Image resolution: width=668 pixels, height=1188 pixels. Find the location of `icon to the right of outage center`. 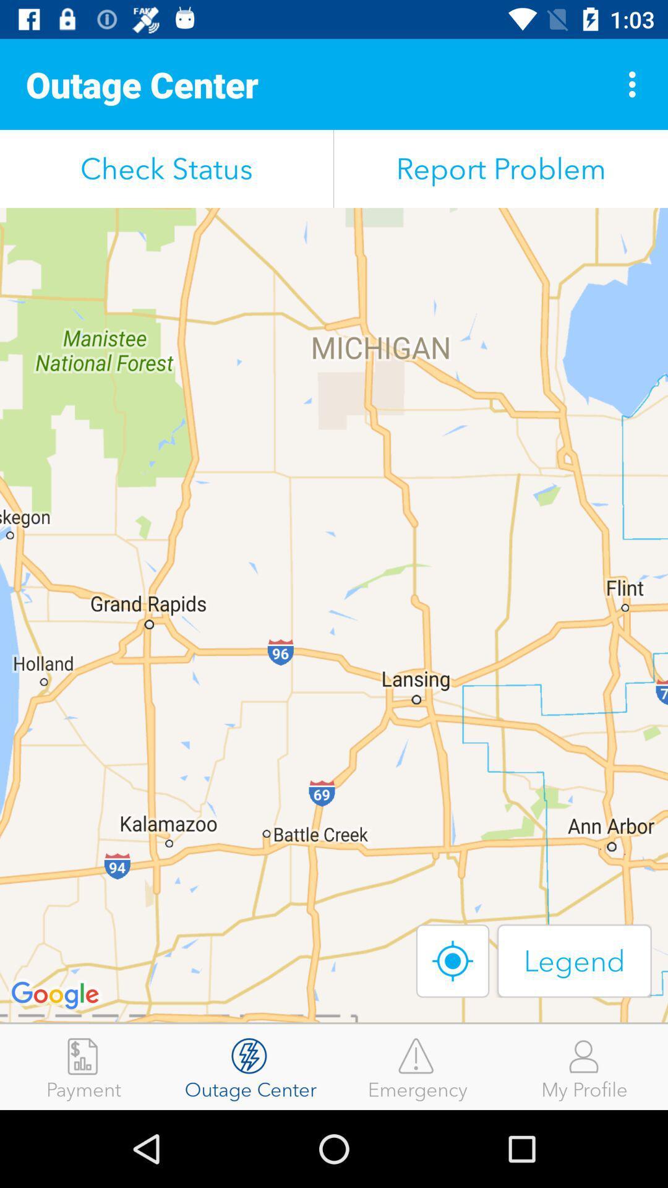

icon to the right of outage center is located at coordinates (417, 1066).